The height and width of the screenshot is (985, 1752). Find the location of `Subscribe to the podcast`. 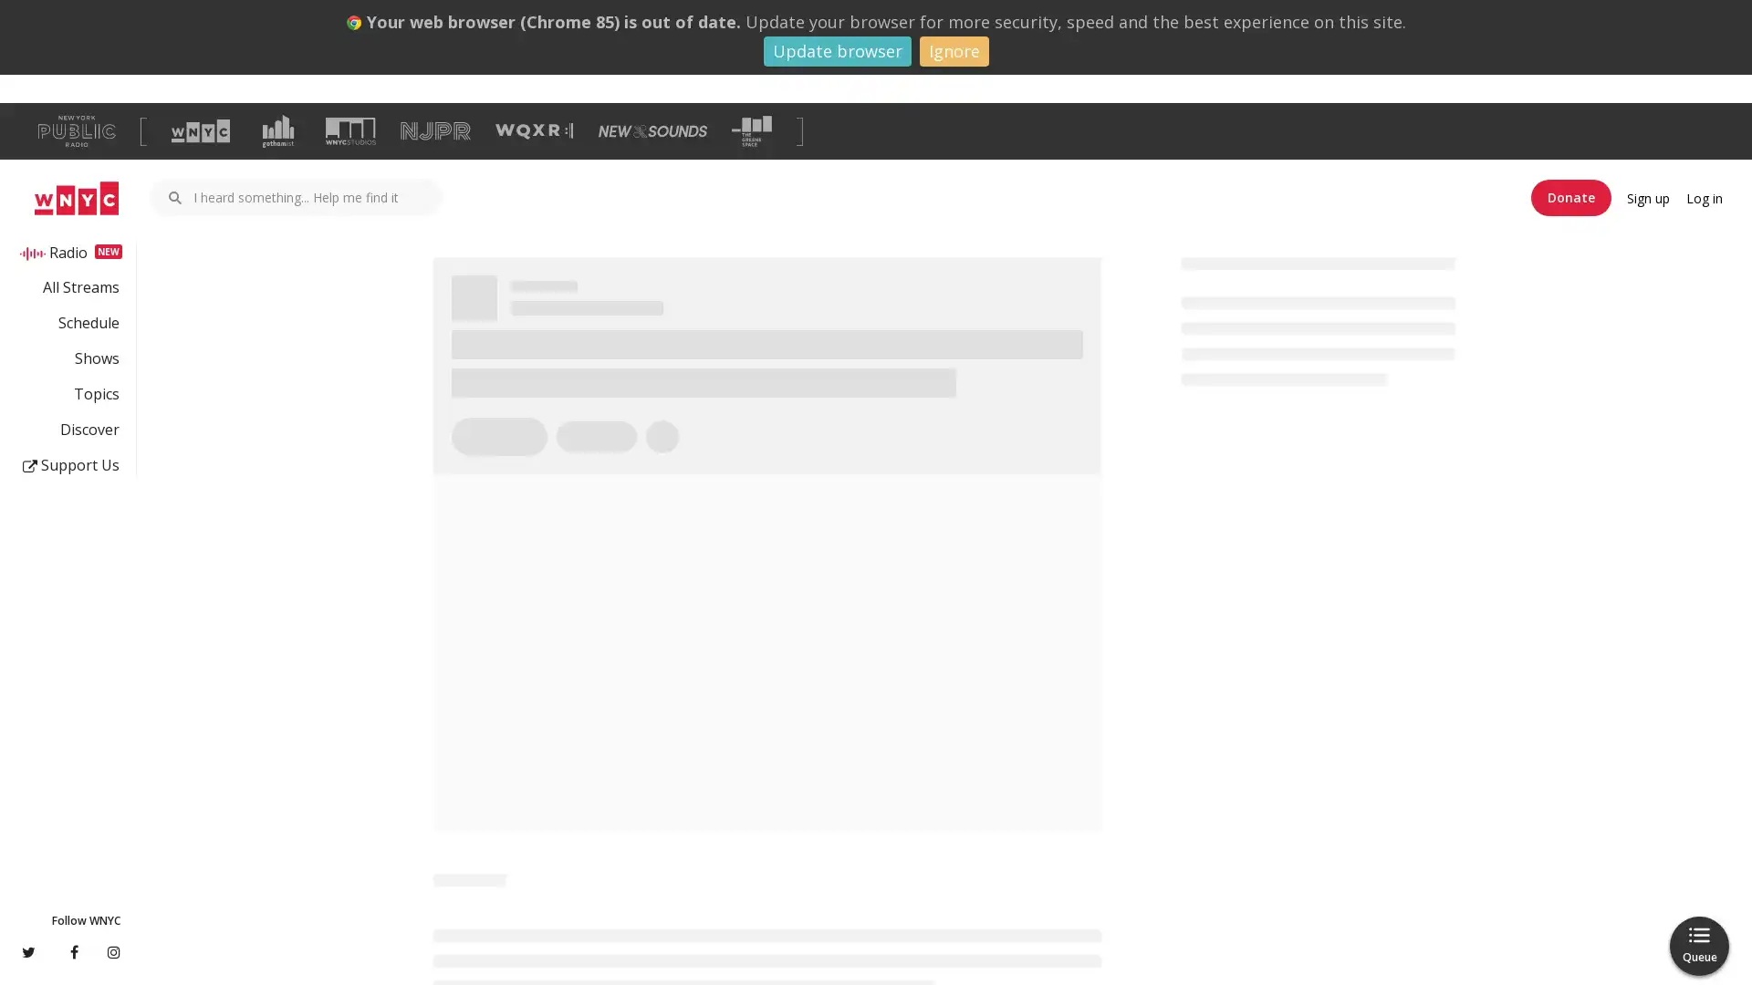

Subscribe to the podcast is located at coordinates (1272, 436).